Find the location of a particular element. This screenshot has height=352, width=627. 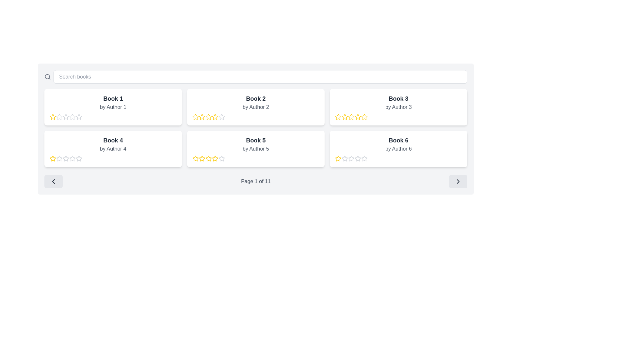

third gray-colored outlined star icon in the rating section for the book 'Book 6' by clicking on it is located at coordinates (364, 158).